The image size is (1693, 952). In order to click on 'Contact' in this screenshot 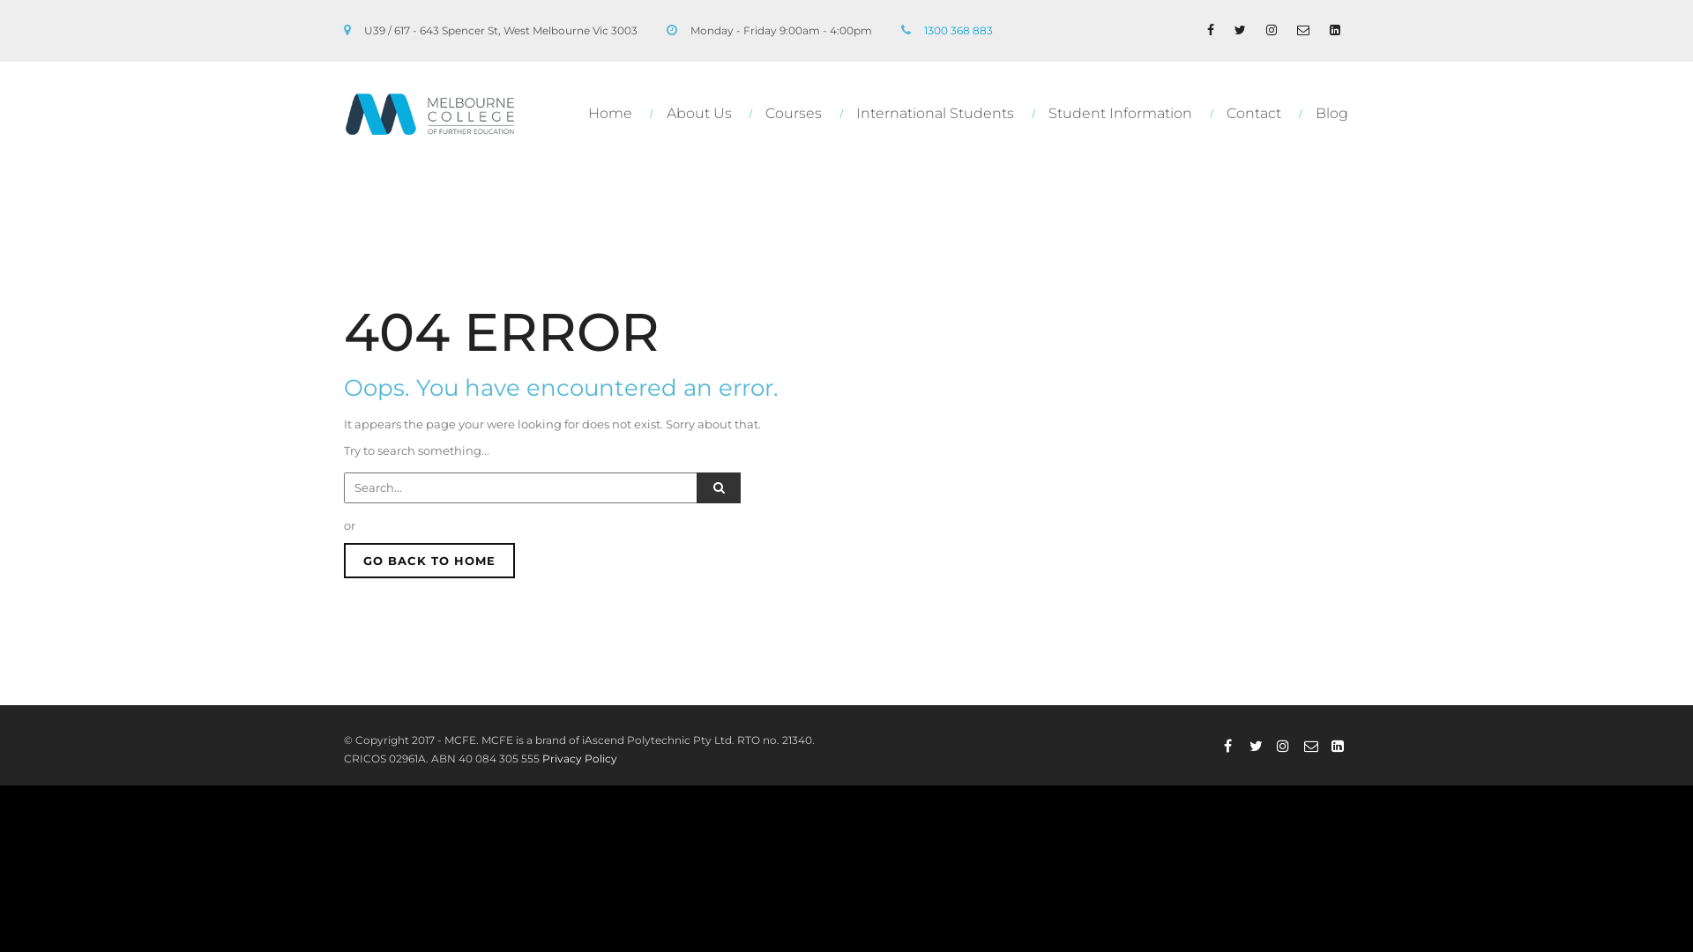, I will do `click(1257, 113)`.